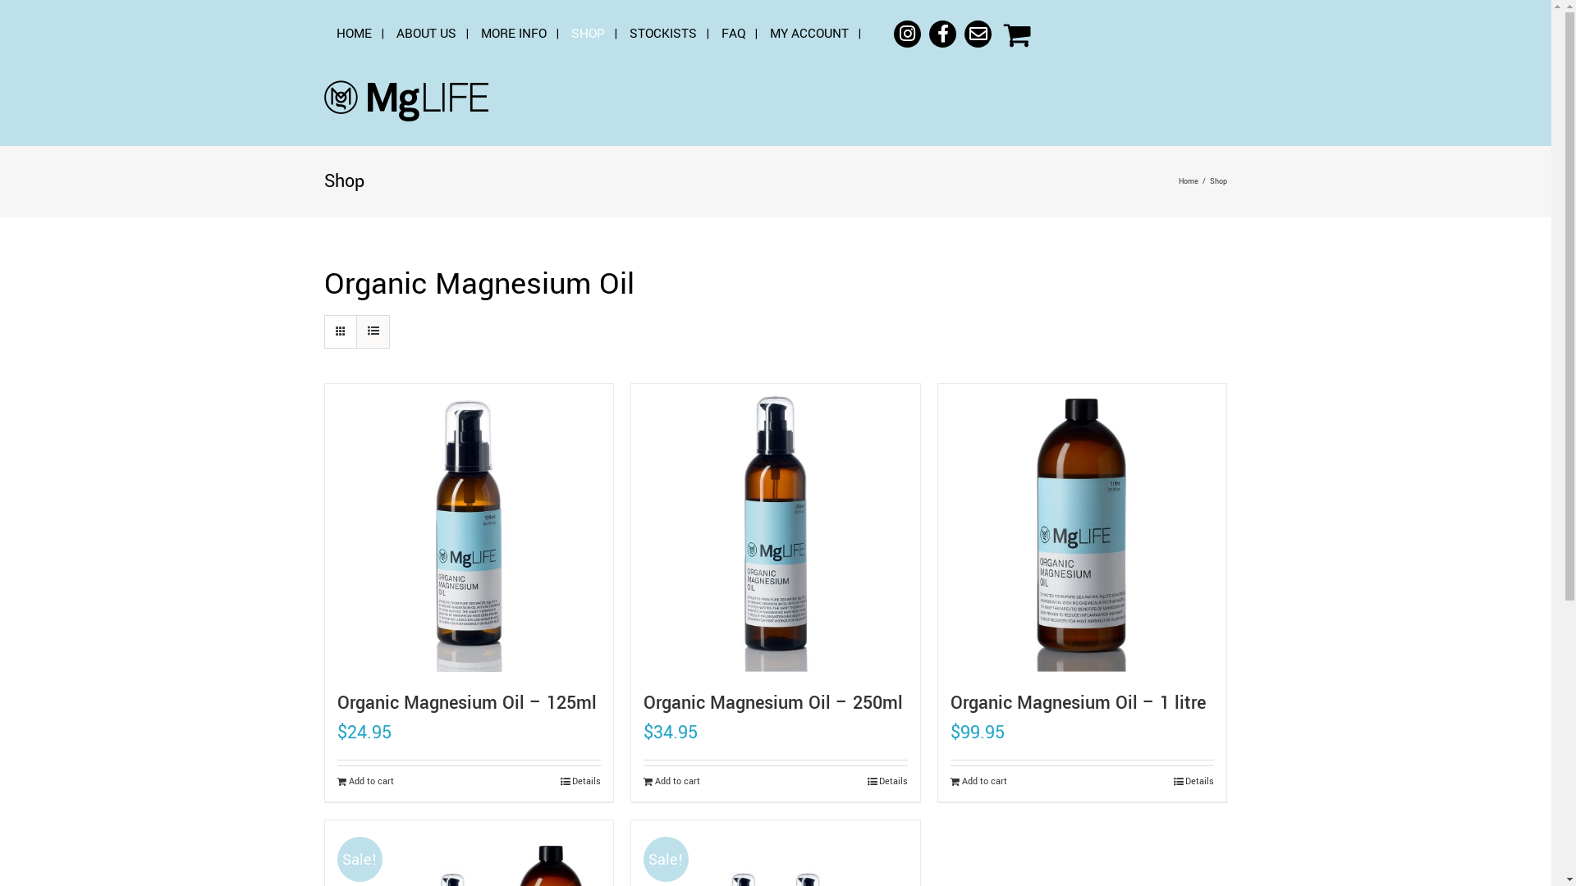 The image size is (1576, 886). Describe the element at coordinates (1177, 181) in the screenshot. I see `'Home'` at that location.